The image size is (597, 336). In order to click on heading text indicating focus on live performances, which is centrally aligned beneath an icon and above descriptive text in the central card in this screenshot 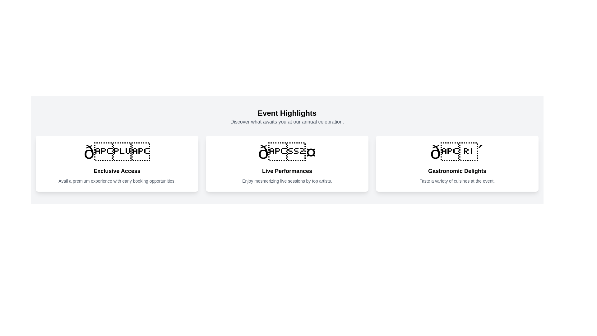, I will do `click(287, 171)`.